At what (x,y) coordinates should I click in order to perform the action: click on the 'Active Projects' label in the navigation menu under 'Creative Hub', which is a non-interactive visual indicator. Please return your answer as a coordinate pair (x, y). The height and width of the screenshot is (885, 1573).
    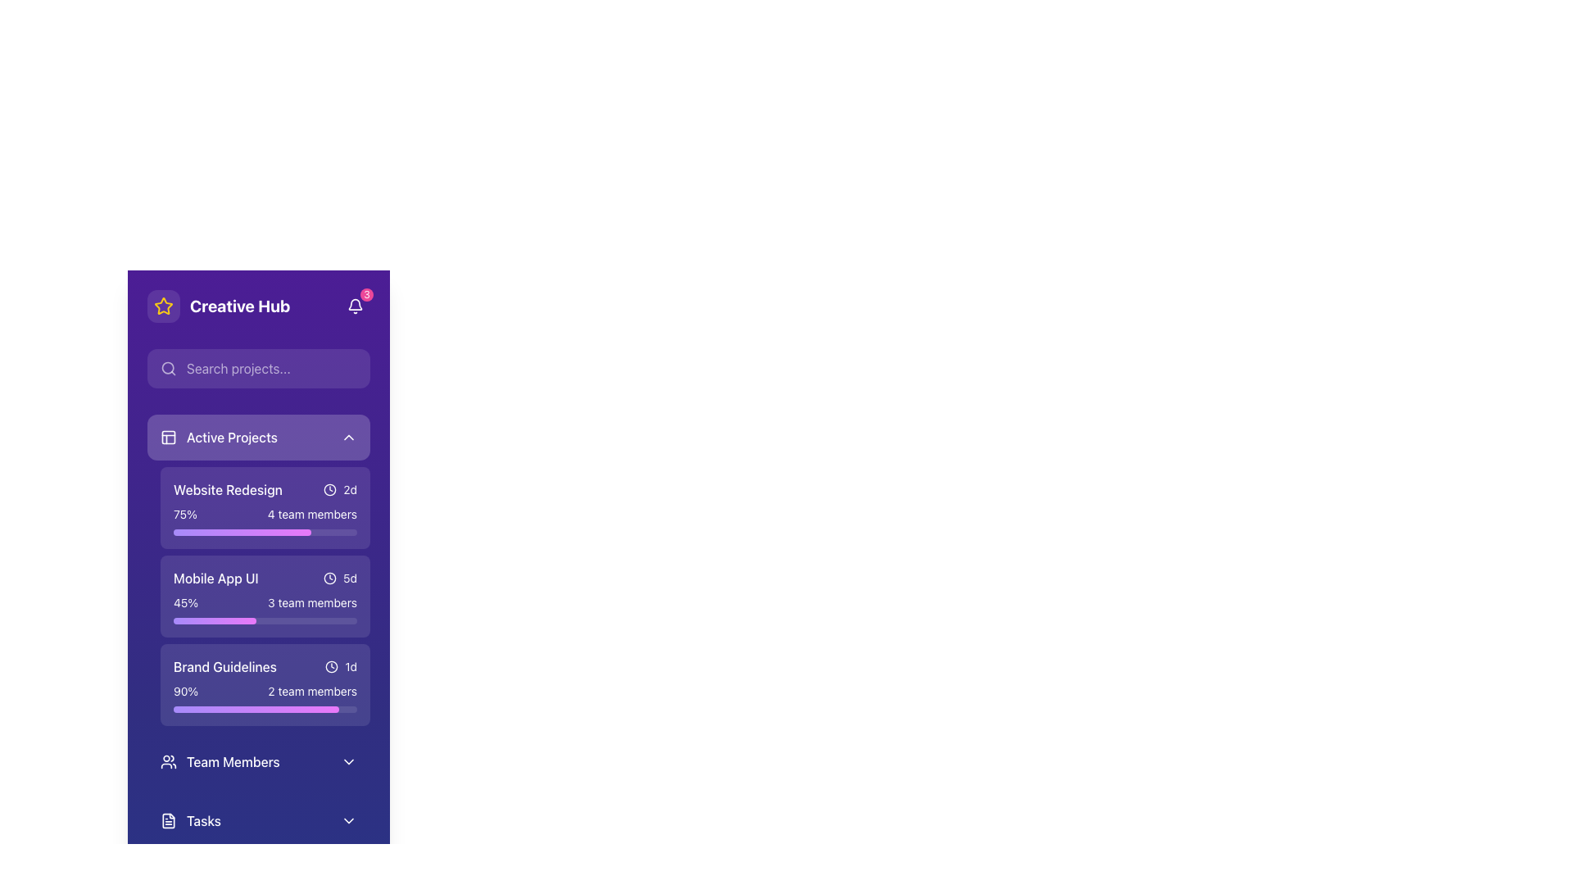
    Looking at the image, I should click on (231, 436).